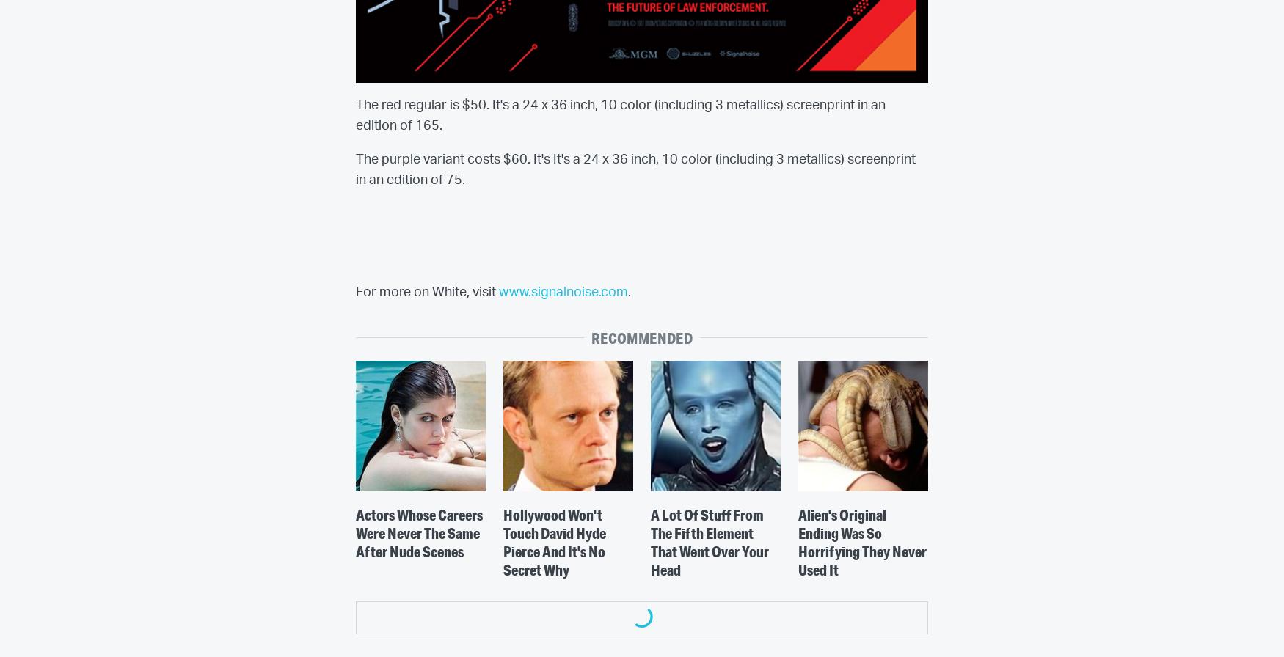 Image resolution: width=1284 pixels, height=657 pixels. What do you see at coordinates (552, 541) in the screenshot?
I see `'Hollywood Won't Touch David Hyde Pierce And It's No Secret Why'` at bounding box center [552, 541].